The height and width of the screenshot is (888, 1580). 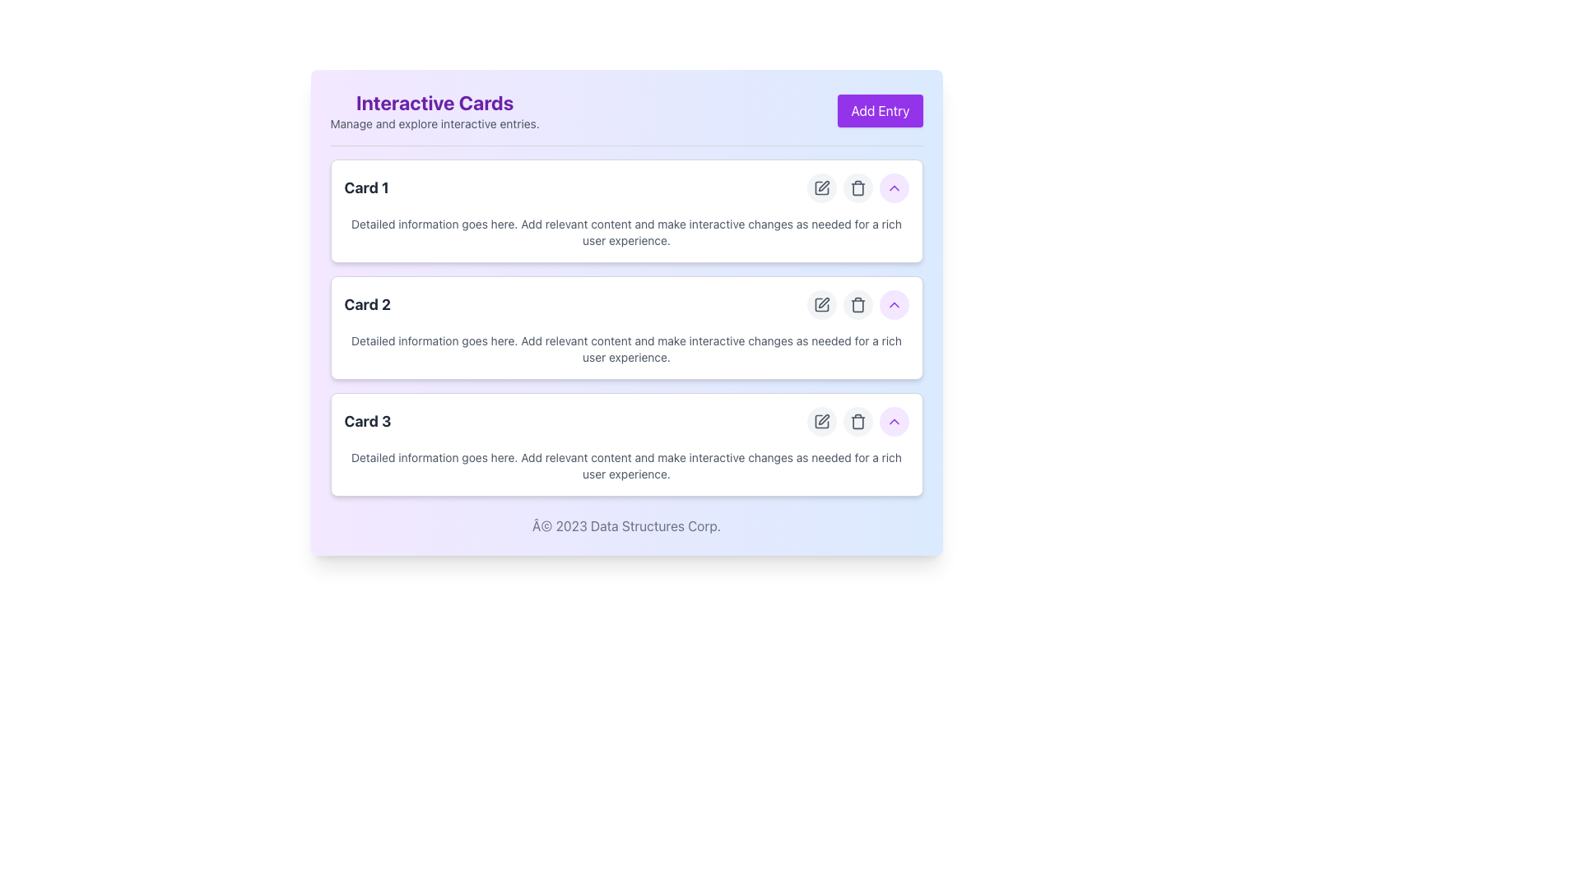 What do you see at coordinates (625, 232) in the screenshot?
I see `the text component that reads 'Detailed information goes here. Add relevant content and make interactive changes as needed for a rich user experience.' located in the first card ('Card 1') of the grouped list of cards` at bounding box center [625, 232].